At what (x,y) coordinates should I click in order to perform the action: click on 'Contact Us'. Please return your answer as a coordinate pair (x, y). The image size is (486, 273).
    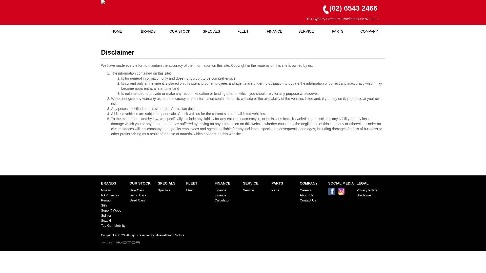
    Looking at the image, I should click on (313, 200).